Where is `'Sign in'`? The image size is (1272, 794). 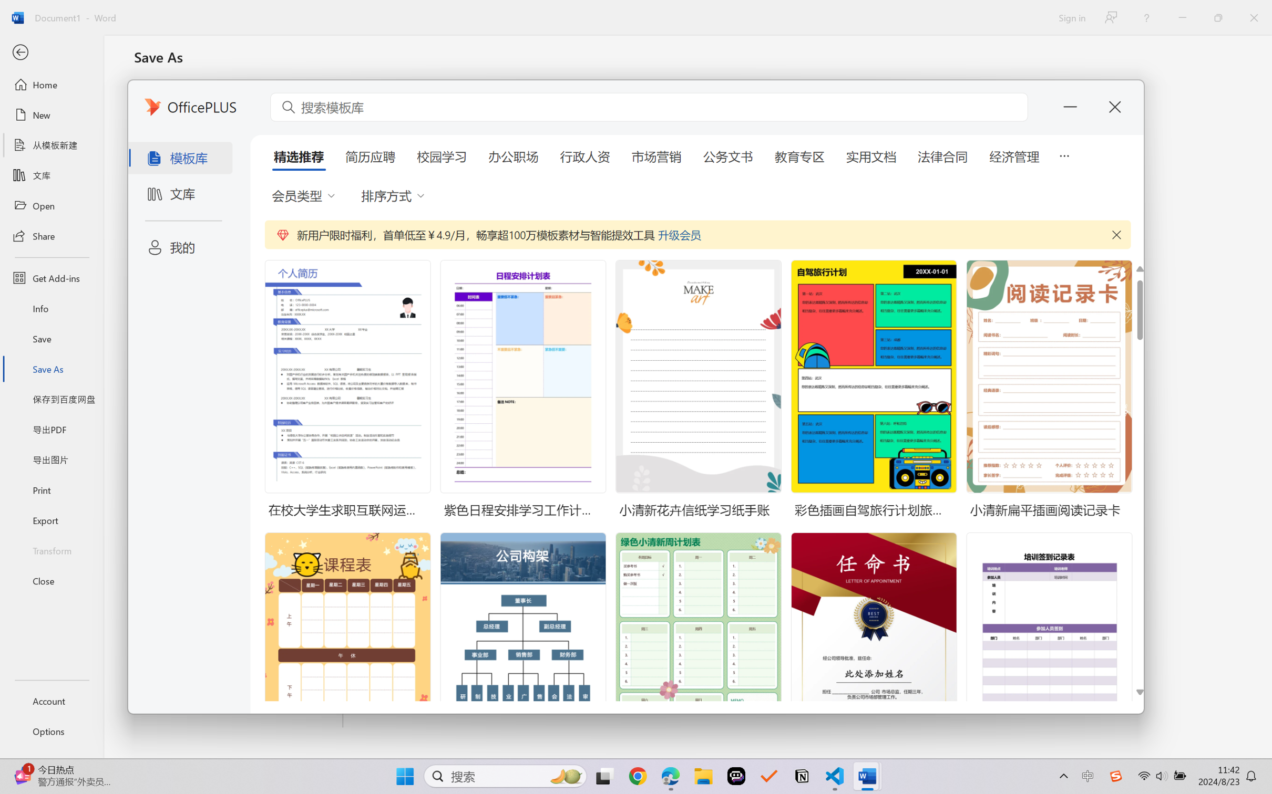
'Sign in' is located at coordinates (1071, 17).